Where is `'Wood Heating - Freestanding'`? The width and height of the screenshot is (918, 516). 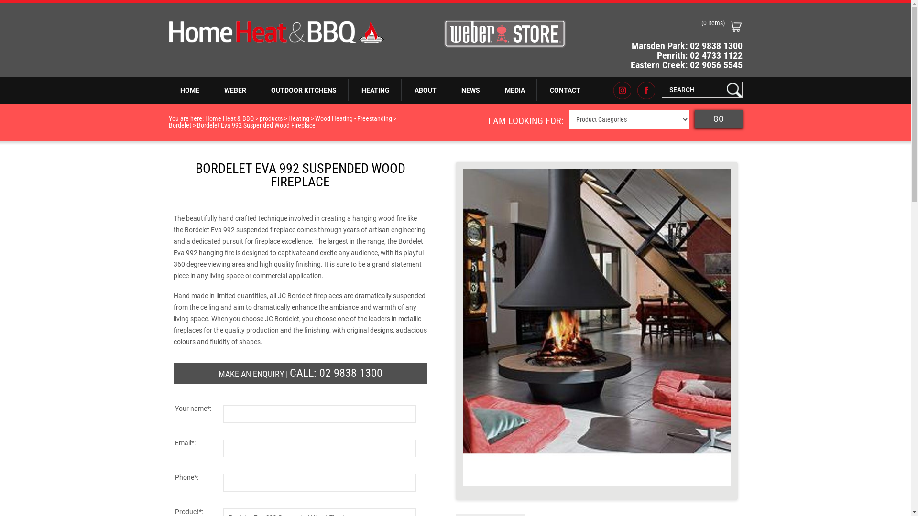 'Wood Heating - Freestanding' is located at coordinates (352, 118).